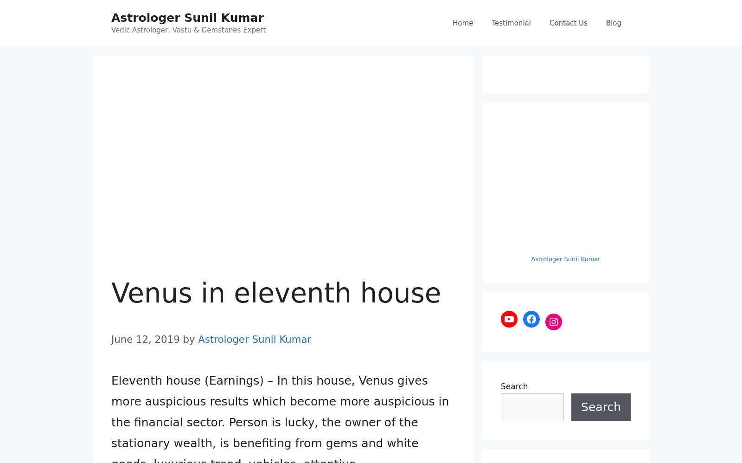 This screenshot has width=742, height=463. I want to click on 'Blog', so click(613, 23).